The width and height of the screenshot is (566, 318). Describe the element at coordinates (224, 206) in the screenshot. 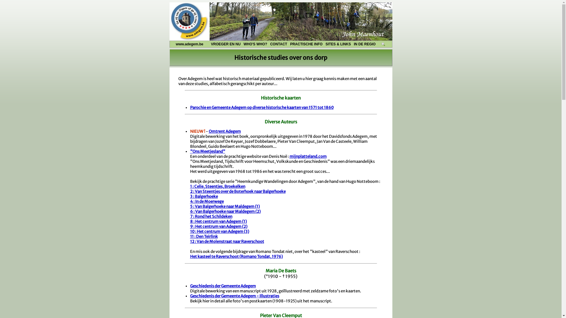

I see `'5 : Van Balgerhoeke naar Maldegem (1)'` at that location.